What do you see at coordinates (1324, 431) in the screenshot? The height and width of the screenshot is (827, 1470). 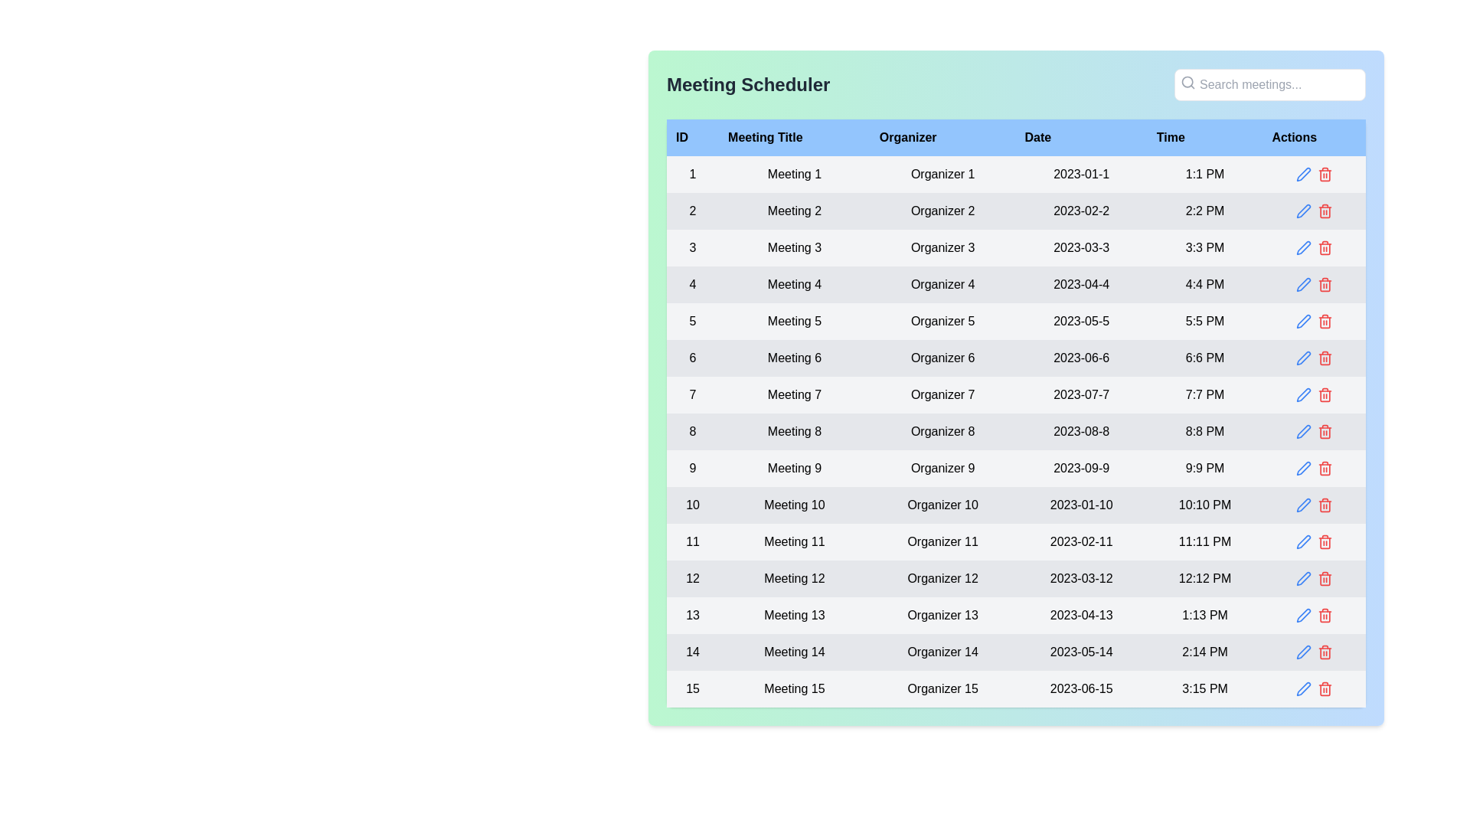 I see `the red trash icon button in the 'Actions' column of the 8th row in the meetings table to possibly reveal additional information or a confirmation prompt` at bounding box center [1324, 431].